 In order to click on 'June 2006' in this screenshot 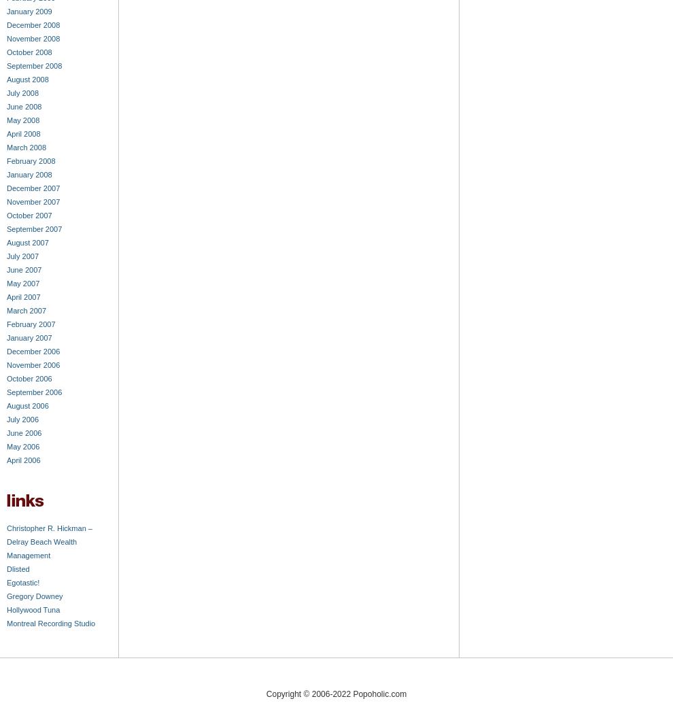, I will do `click(23, 432)`.